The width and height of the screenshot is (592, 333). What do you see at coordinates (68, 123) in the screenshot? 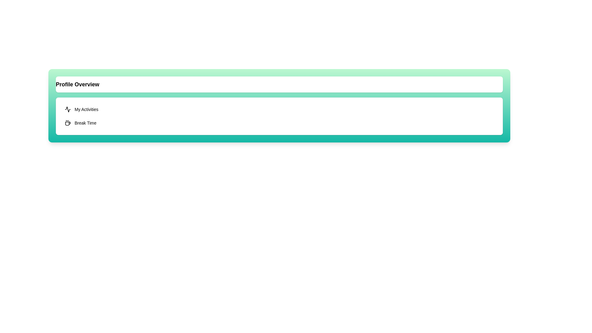
I see `the icon labeled 'Break Time' to perform its associated action` at bounding box center [68, 123].